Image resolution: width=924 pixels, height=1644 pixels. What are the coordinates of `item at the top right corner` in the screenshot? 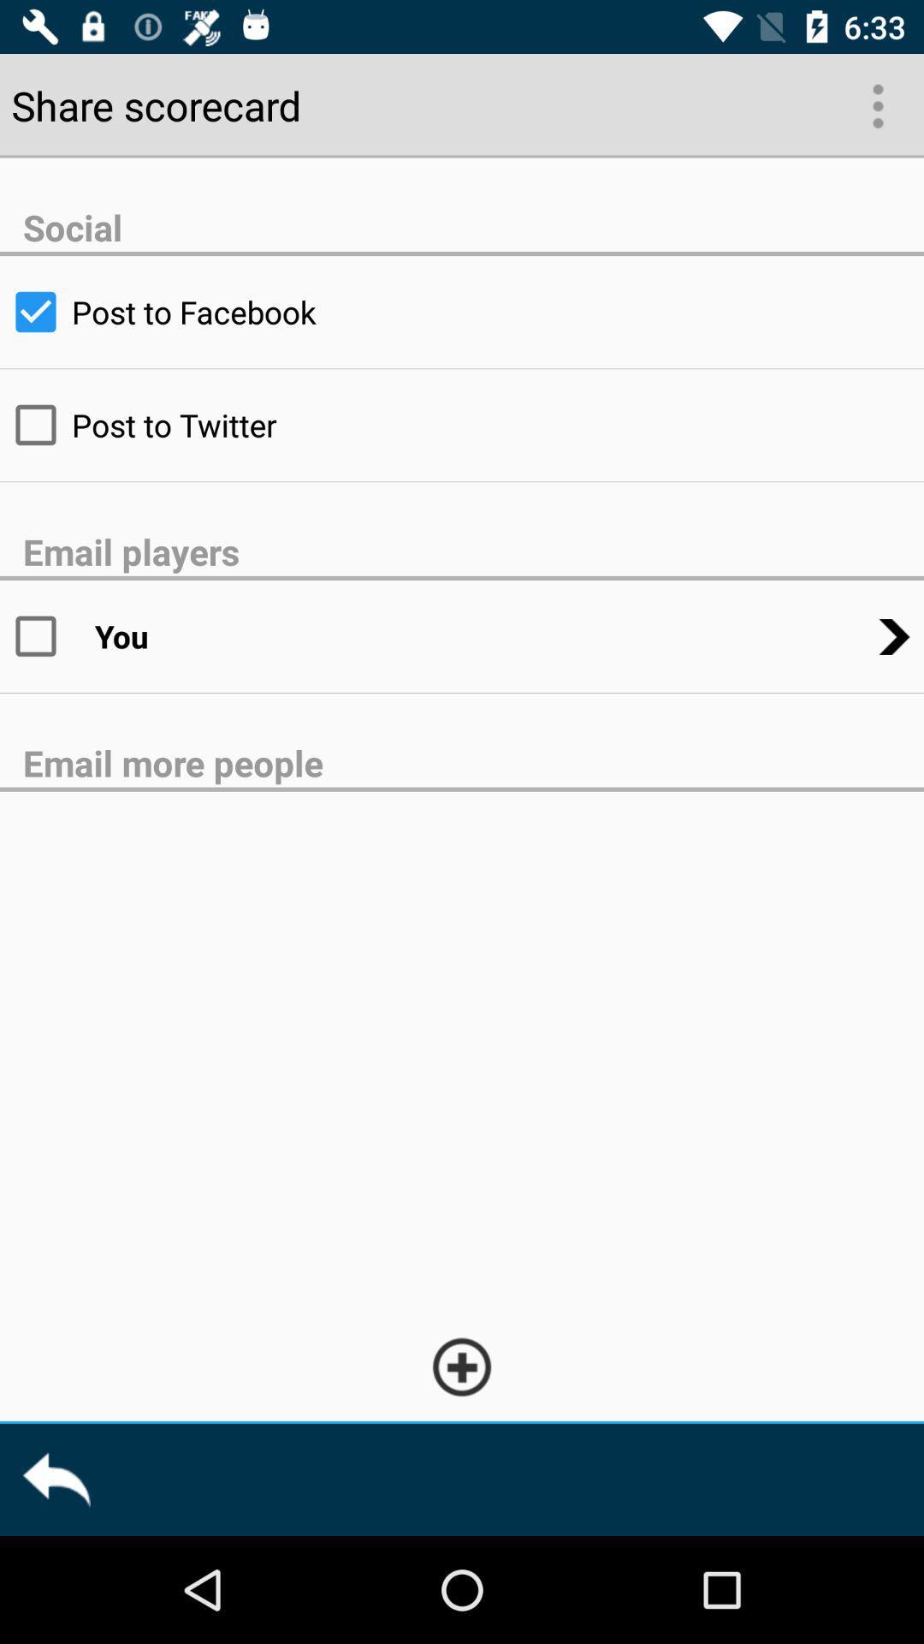 It's located at (876, 104).